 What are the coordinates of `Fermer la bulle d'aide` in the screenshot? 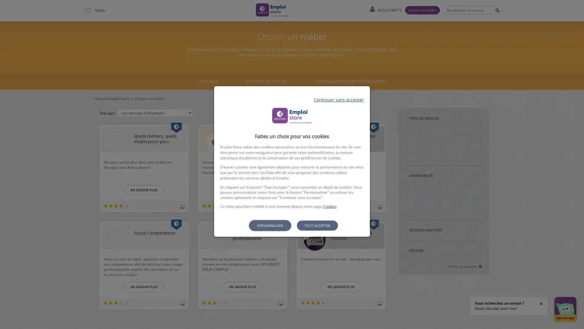 It's located at (541, 303).